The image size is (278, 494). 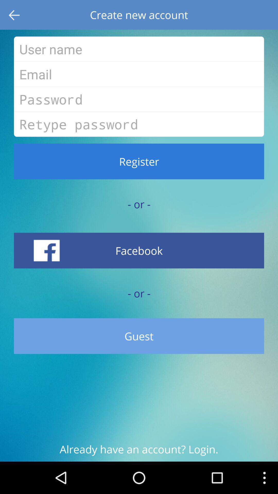 I want to click on your password, so click(x=139, y=99).